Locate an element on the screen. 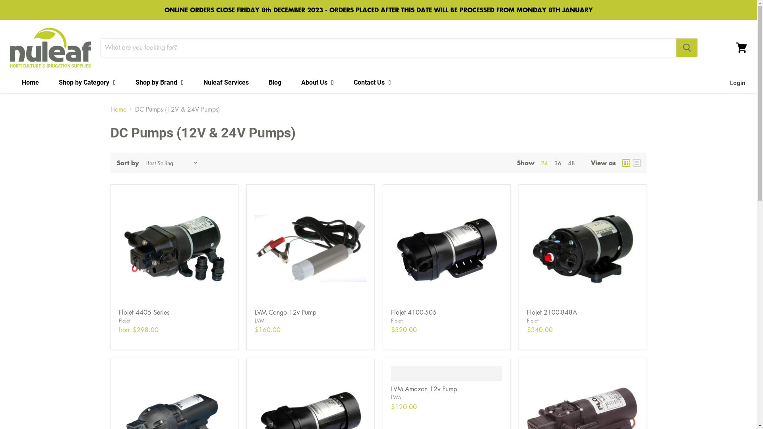  '36' is located at coordinates (557, 162).